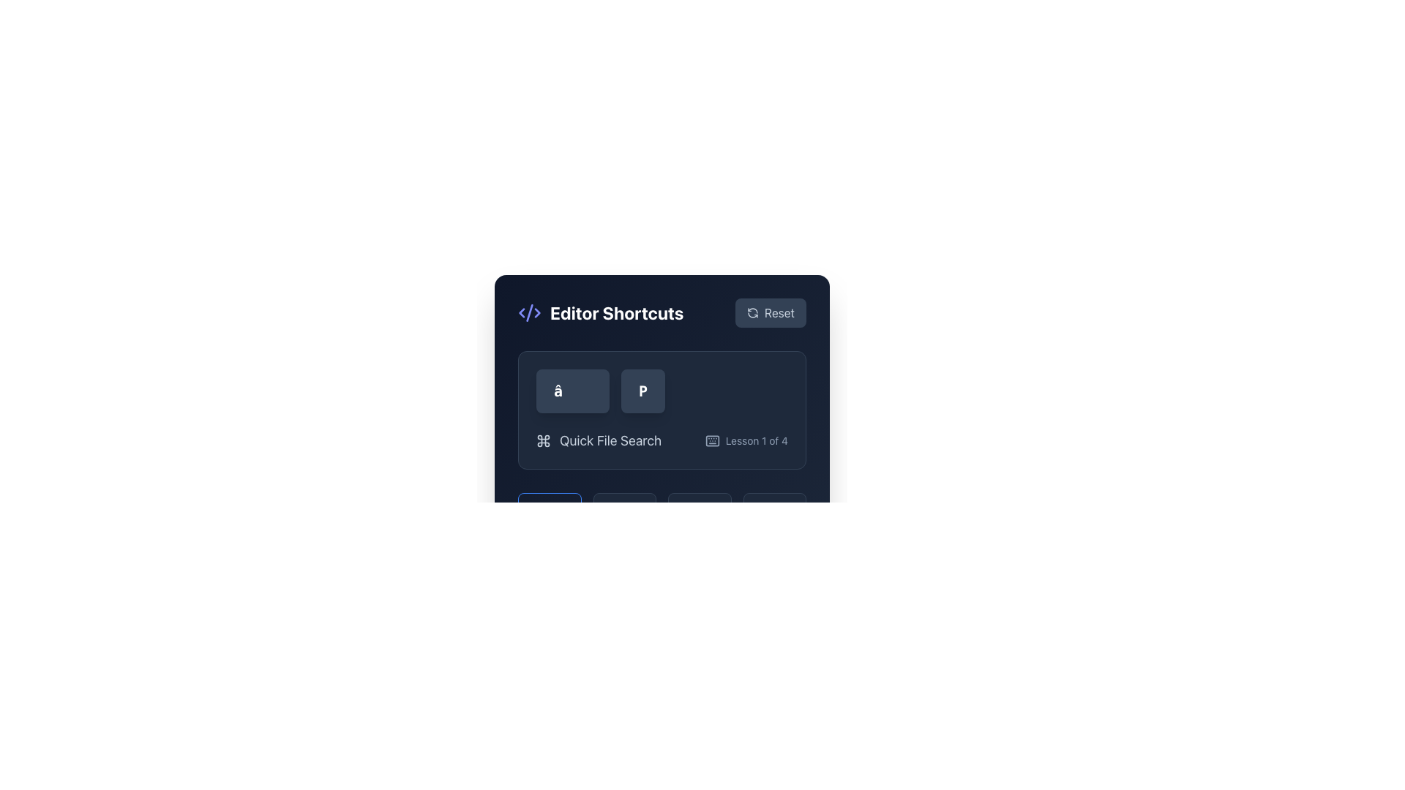 This screenshot has width=1405, height=790. Describe the element at coordinates (752, 312) in the screenshot. I see `the reset icon located within the 'Reset' button to trigger tooltip or visual feedback` at that location.